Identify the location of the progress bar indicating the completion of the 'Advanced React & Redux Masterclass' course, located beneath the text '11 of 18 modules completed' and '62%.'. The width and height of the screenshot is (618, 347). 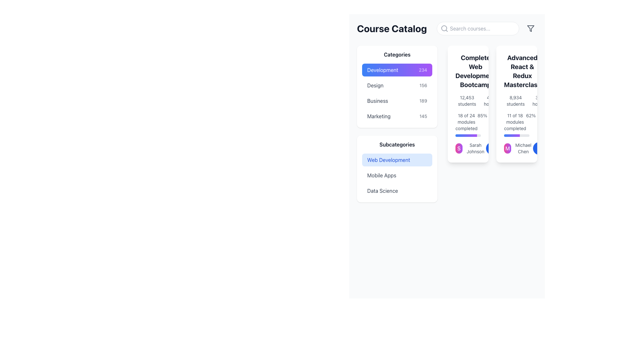
(517, 135).